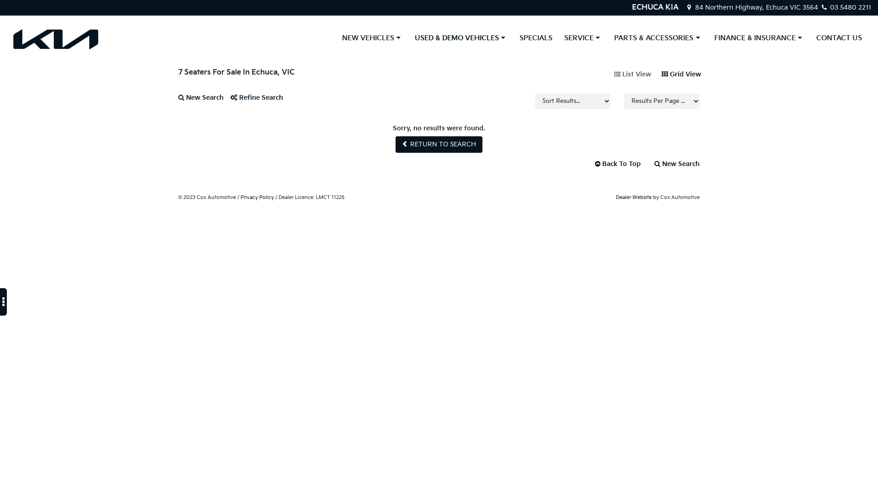 The image size is (878, 494). I want to click on 'Refine Search', so click(260, 101).